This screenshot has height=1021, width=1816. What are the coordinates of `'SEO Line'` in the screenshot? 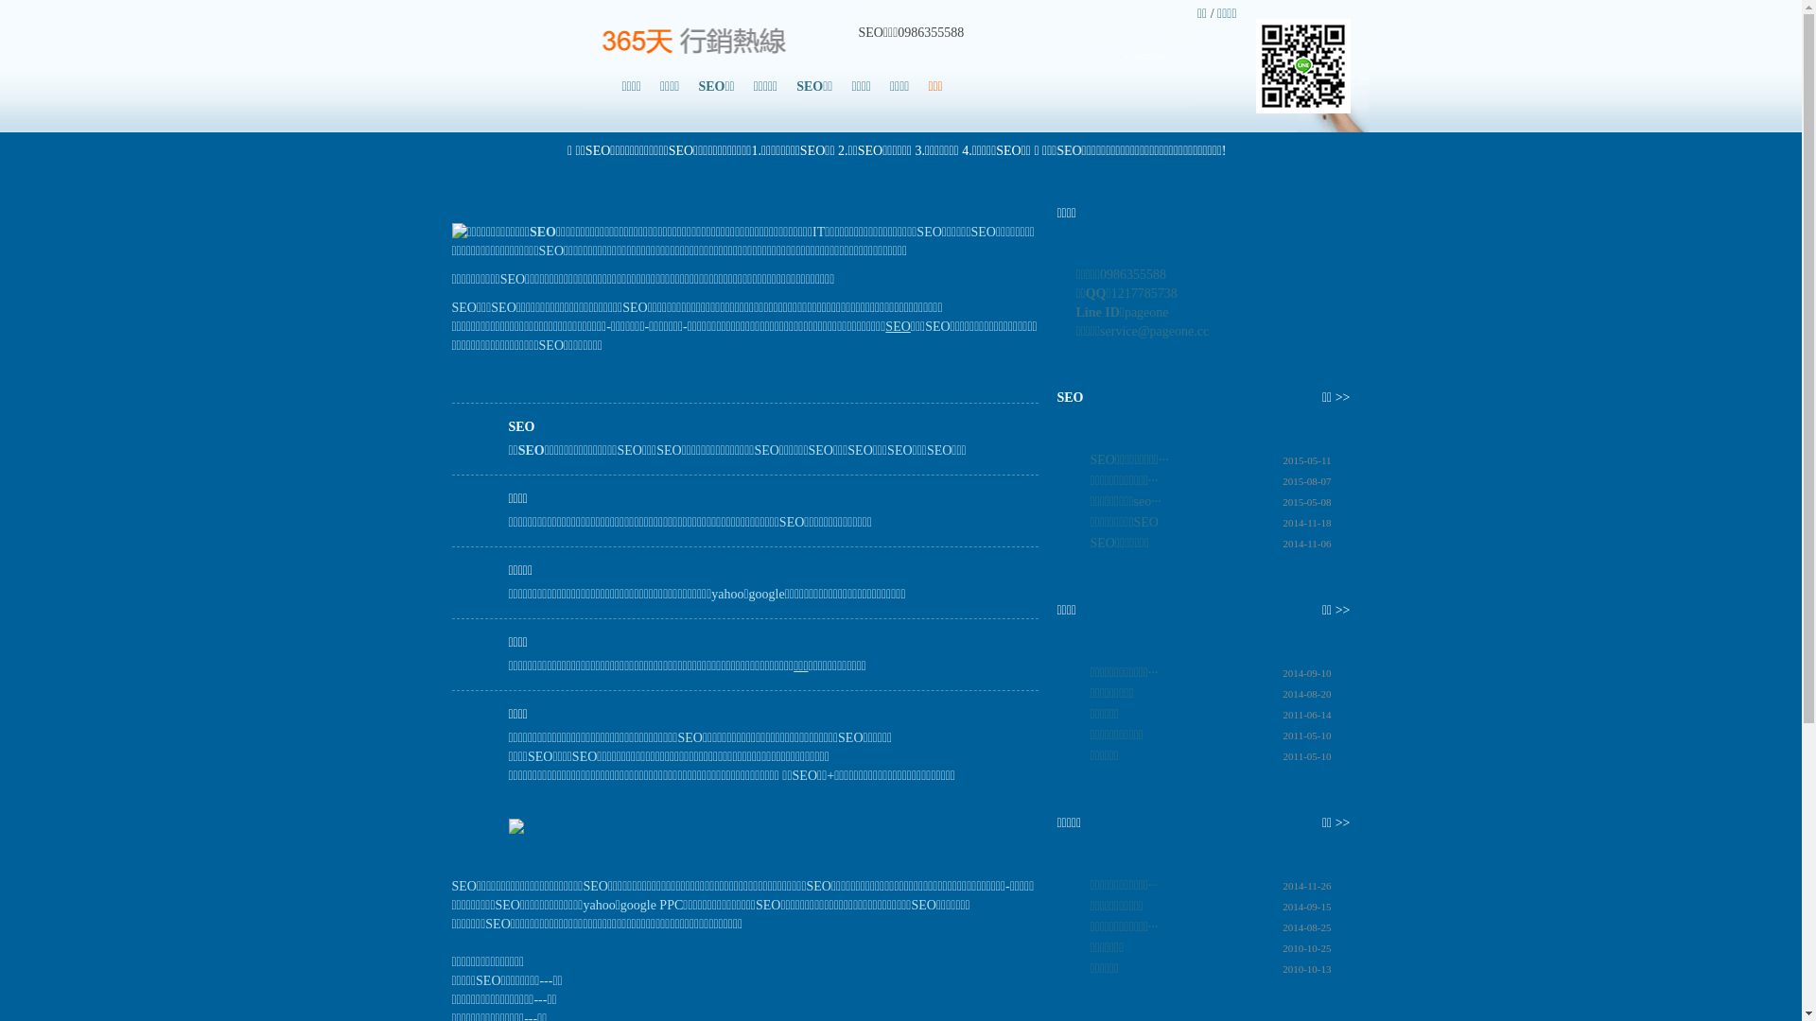 It's located at (1301, 64).